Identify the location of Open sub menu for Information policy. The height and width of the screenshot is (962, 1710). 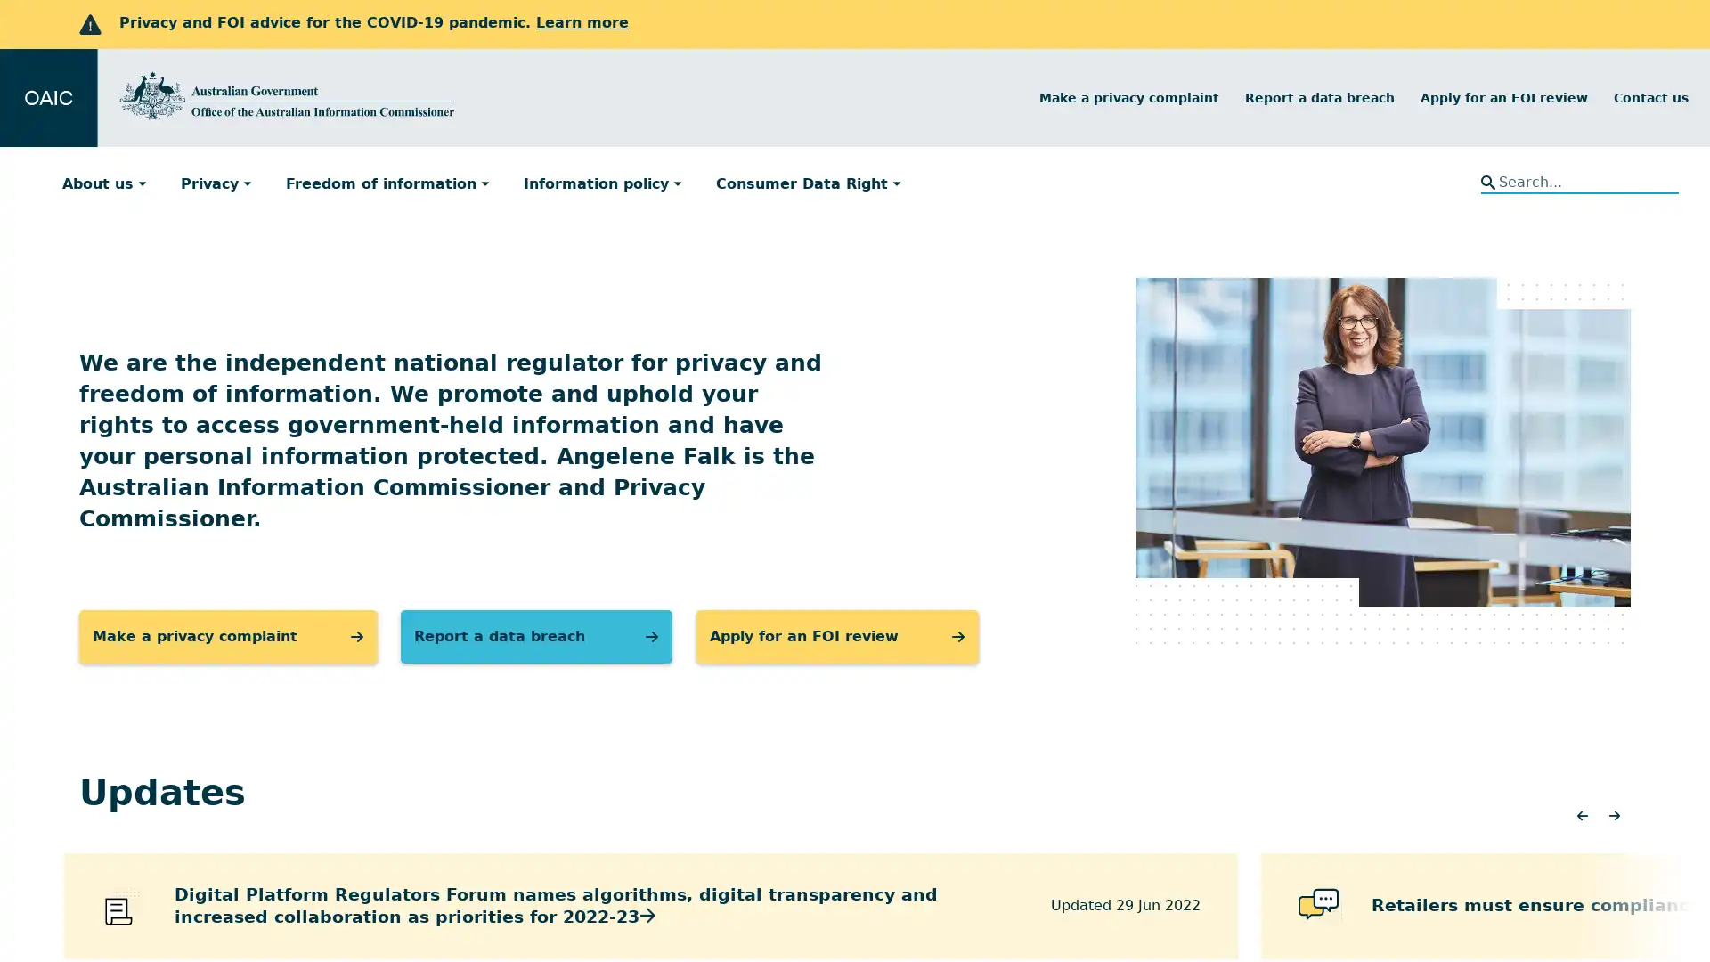
(683, 183).